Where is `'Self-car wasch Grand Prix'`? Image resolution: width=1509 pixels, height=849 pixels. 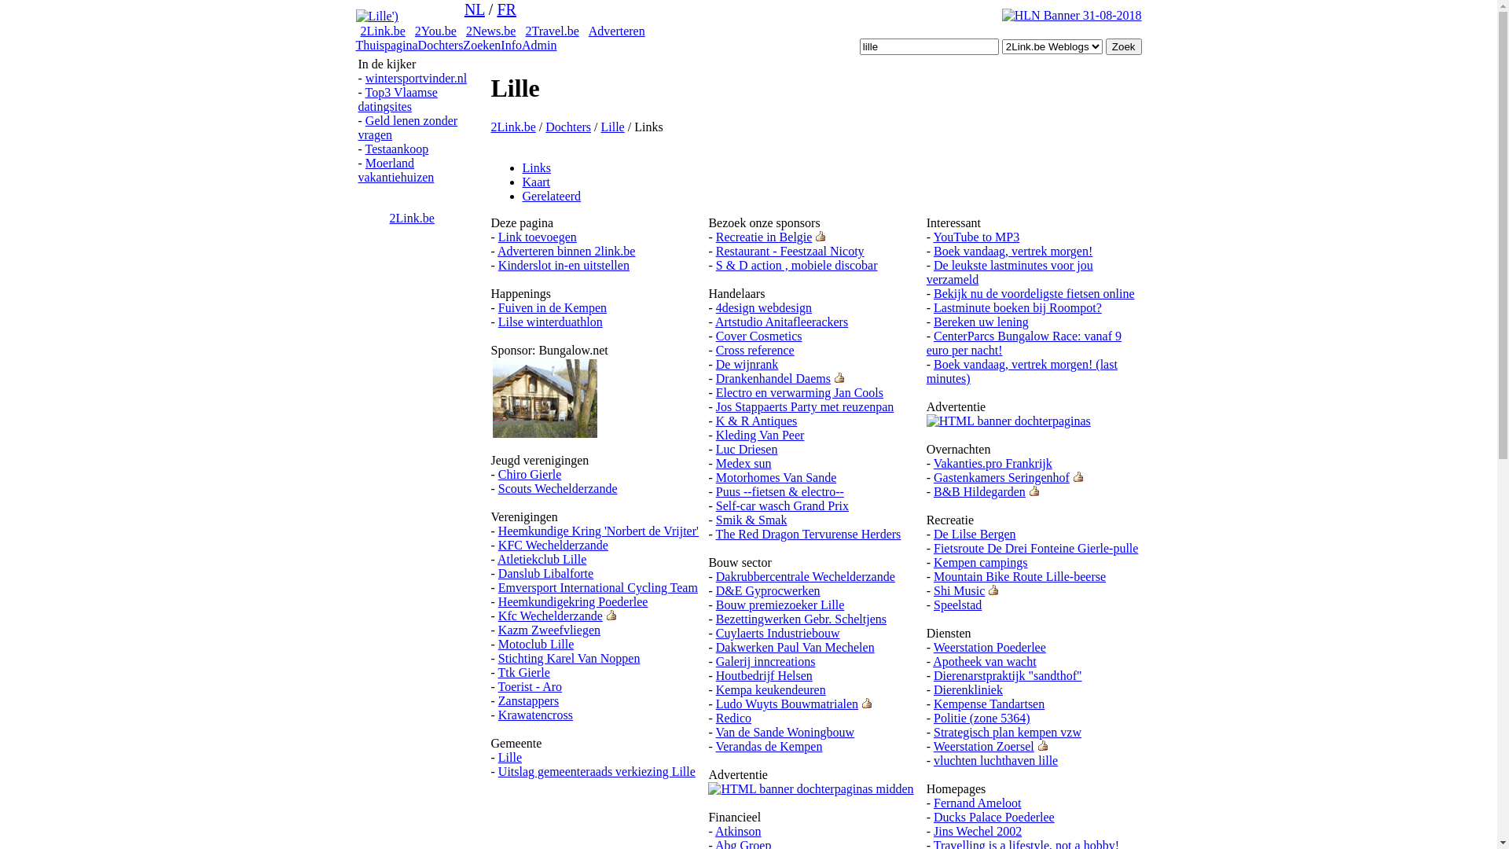
'Self-car wasch Grand Prix' is located at coordinates (782, 505).